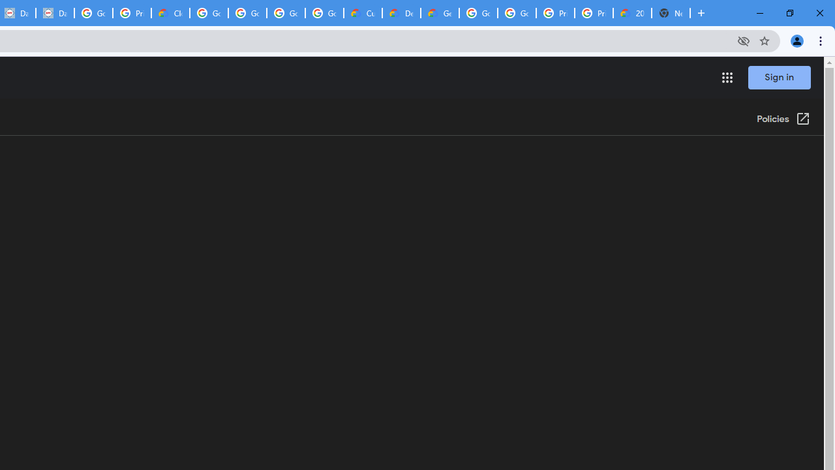 Image resolution: width=835 pixels, height=470 pixels. I want to click on 'Gemini for Business and Developers | Google Cloud', so click(440, 13).